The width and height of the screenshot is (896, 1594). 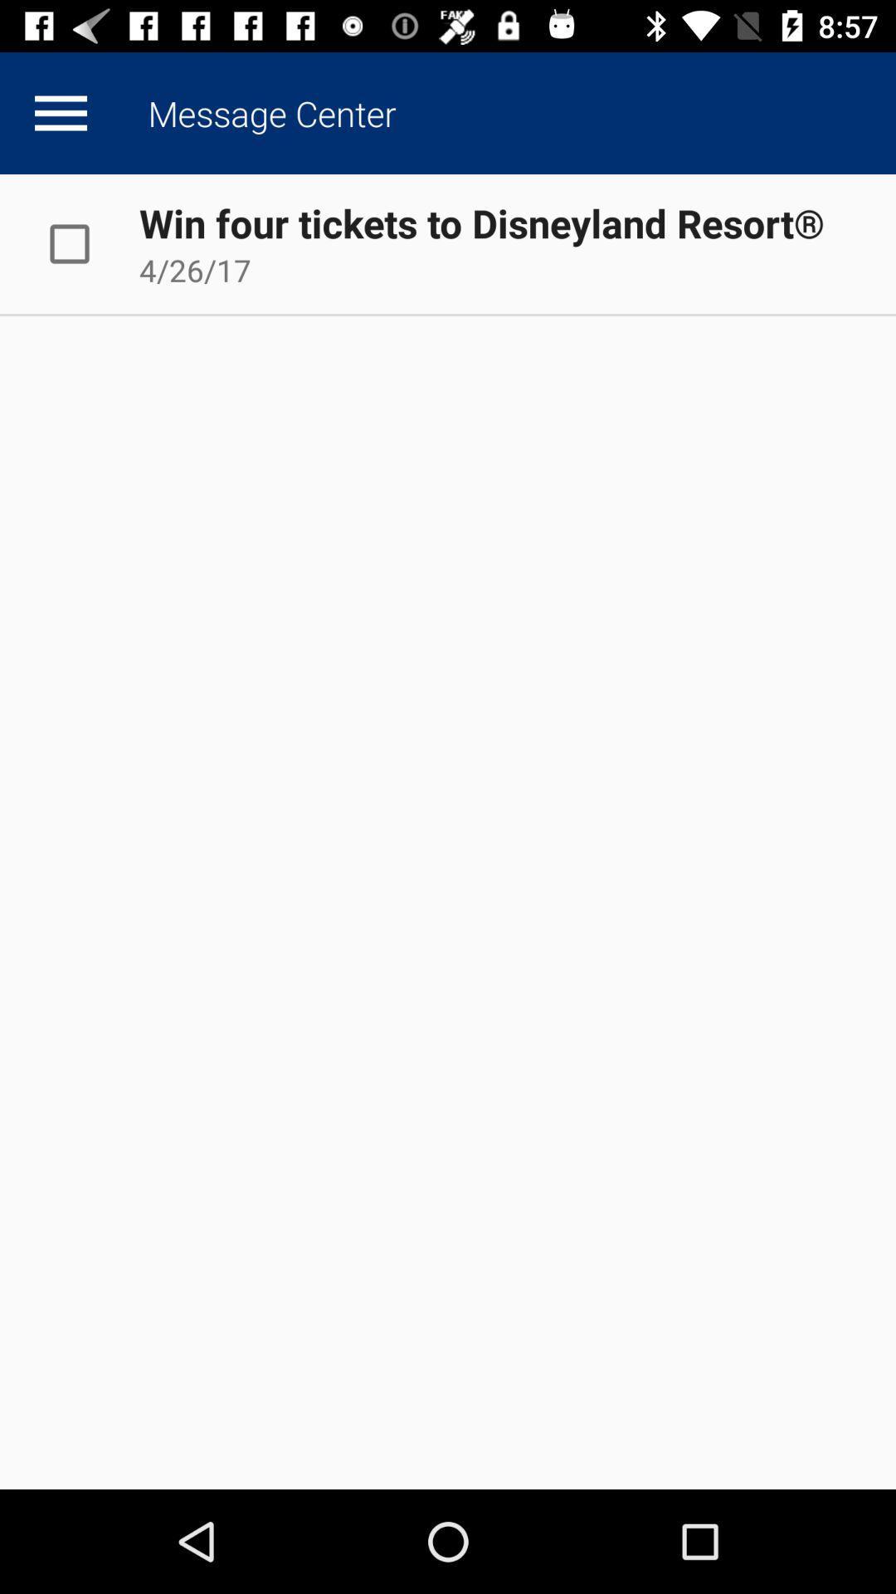 What do you see at coordinates (60, 112) in the screenshot?
I see `icon to the left of message center icon` at bounding box center [60, 112].